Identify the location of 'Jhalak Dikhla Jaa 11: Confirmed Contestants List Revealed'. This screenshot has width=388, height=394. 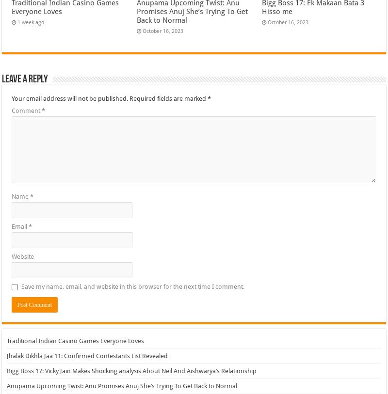
(7, 355).